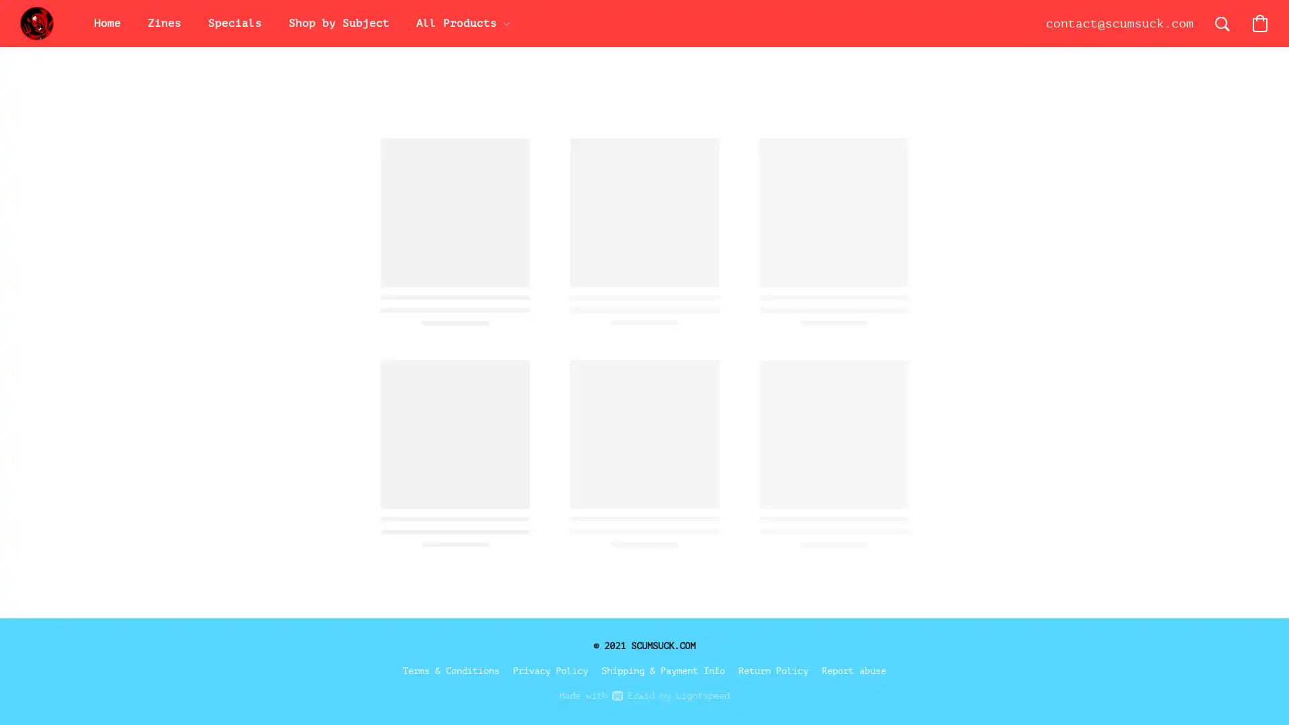  Describe the element at coordinates (1099, 478) in the screenshot. I see `Accept Only Essential Cookies` at that location.